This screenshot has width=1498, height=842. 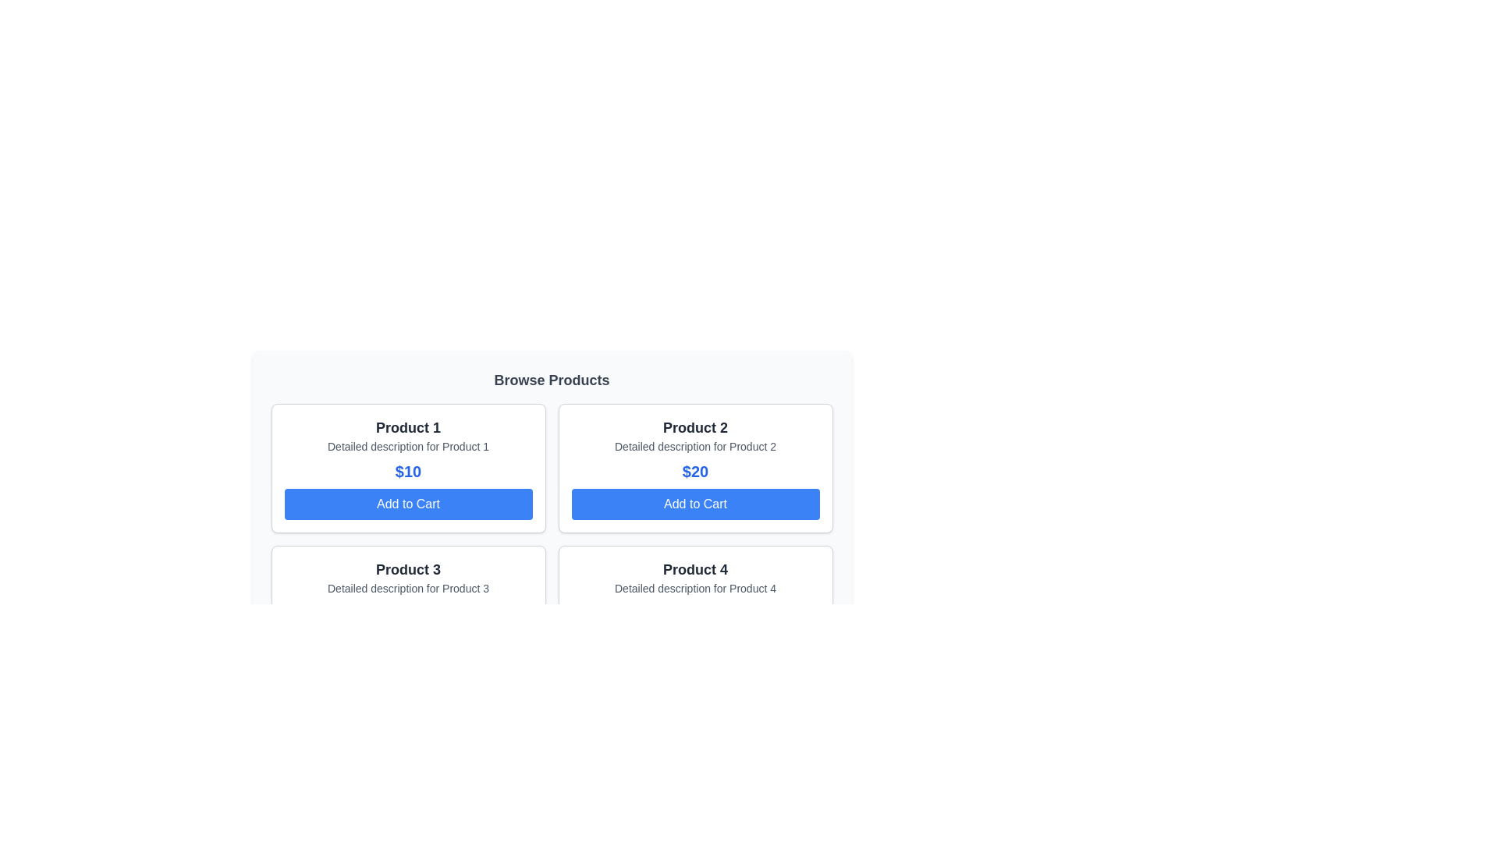 What do you see at coordinates (694, 610) in the screenshot?
I see `the 'Add to Cart' button on the Product card for 'Product 4', located at the bottom-right corner of the grid layout` at bounding box center [694, 610].